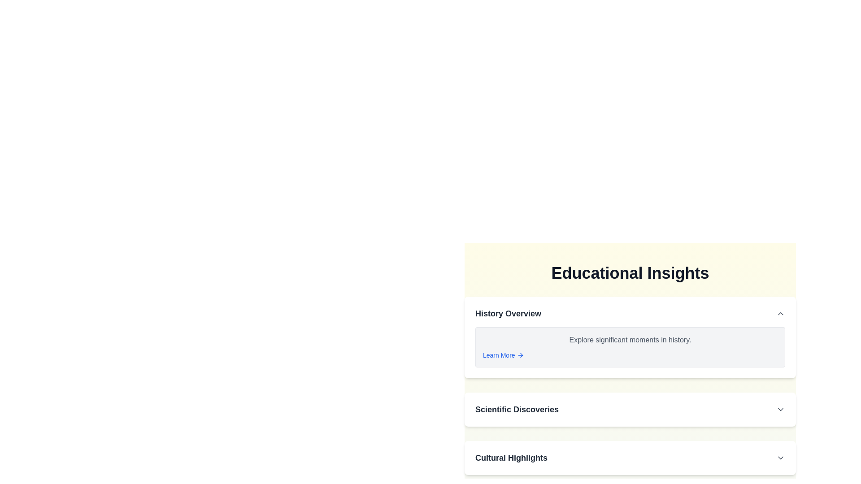  What do you see at coordinates (780, 313) in the screenshot?
I see `the Chevron-up icon button located at the far-right corner of the 'History Overview' header` at bounding box center [780, 313].